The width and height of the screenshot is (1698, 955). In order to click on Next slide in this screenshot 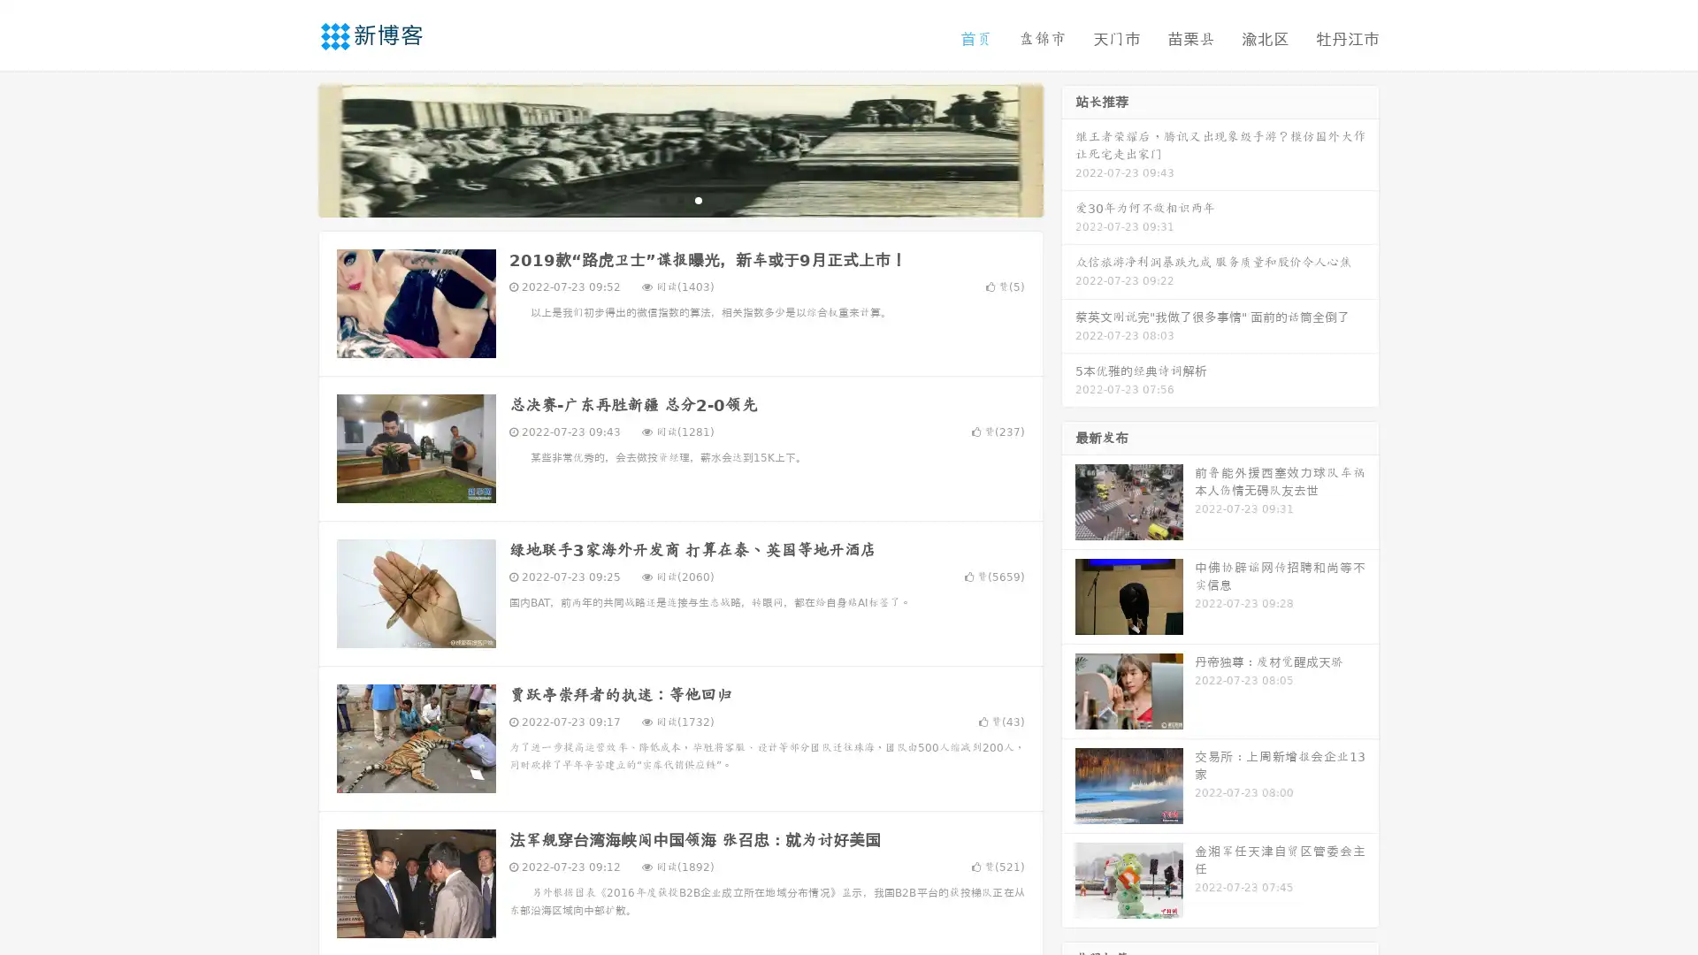, I will do `click(1068, 149)`.